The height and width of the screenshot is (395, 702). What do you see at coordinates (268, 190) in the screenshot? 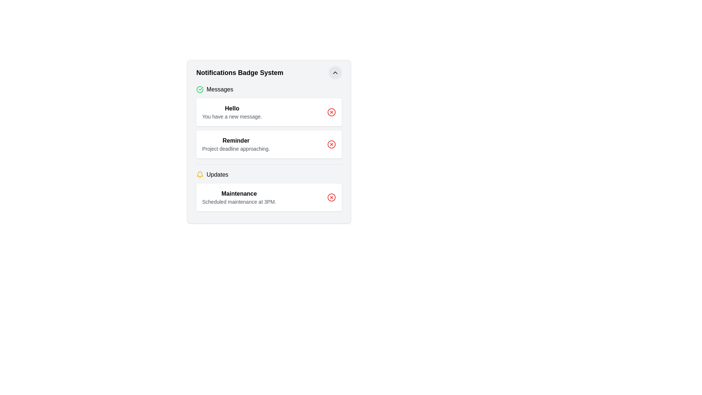
I see `information from the third notification item under the 'Updates' section, which informs about scheduled maintenance` at bounding box center [268, 190].